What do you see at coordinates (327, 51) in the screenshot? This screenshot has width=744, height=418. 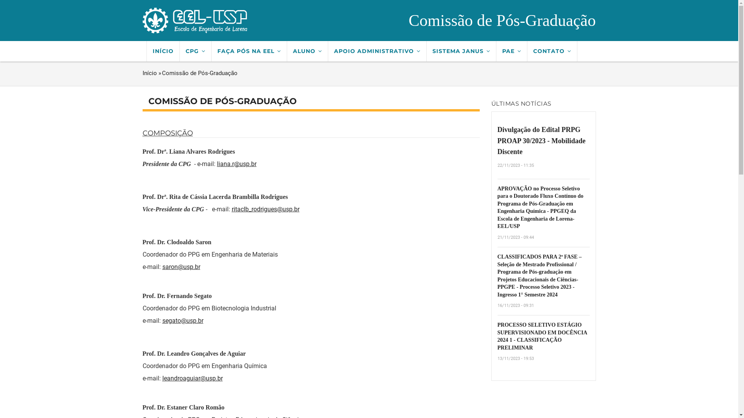 I see `'APOIO ADMINISTRATIVO'` at bounding box center [327, 51].